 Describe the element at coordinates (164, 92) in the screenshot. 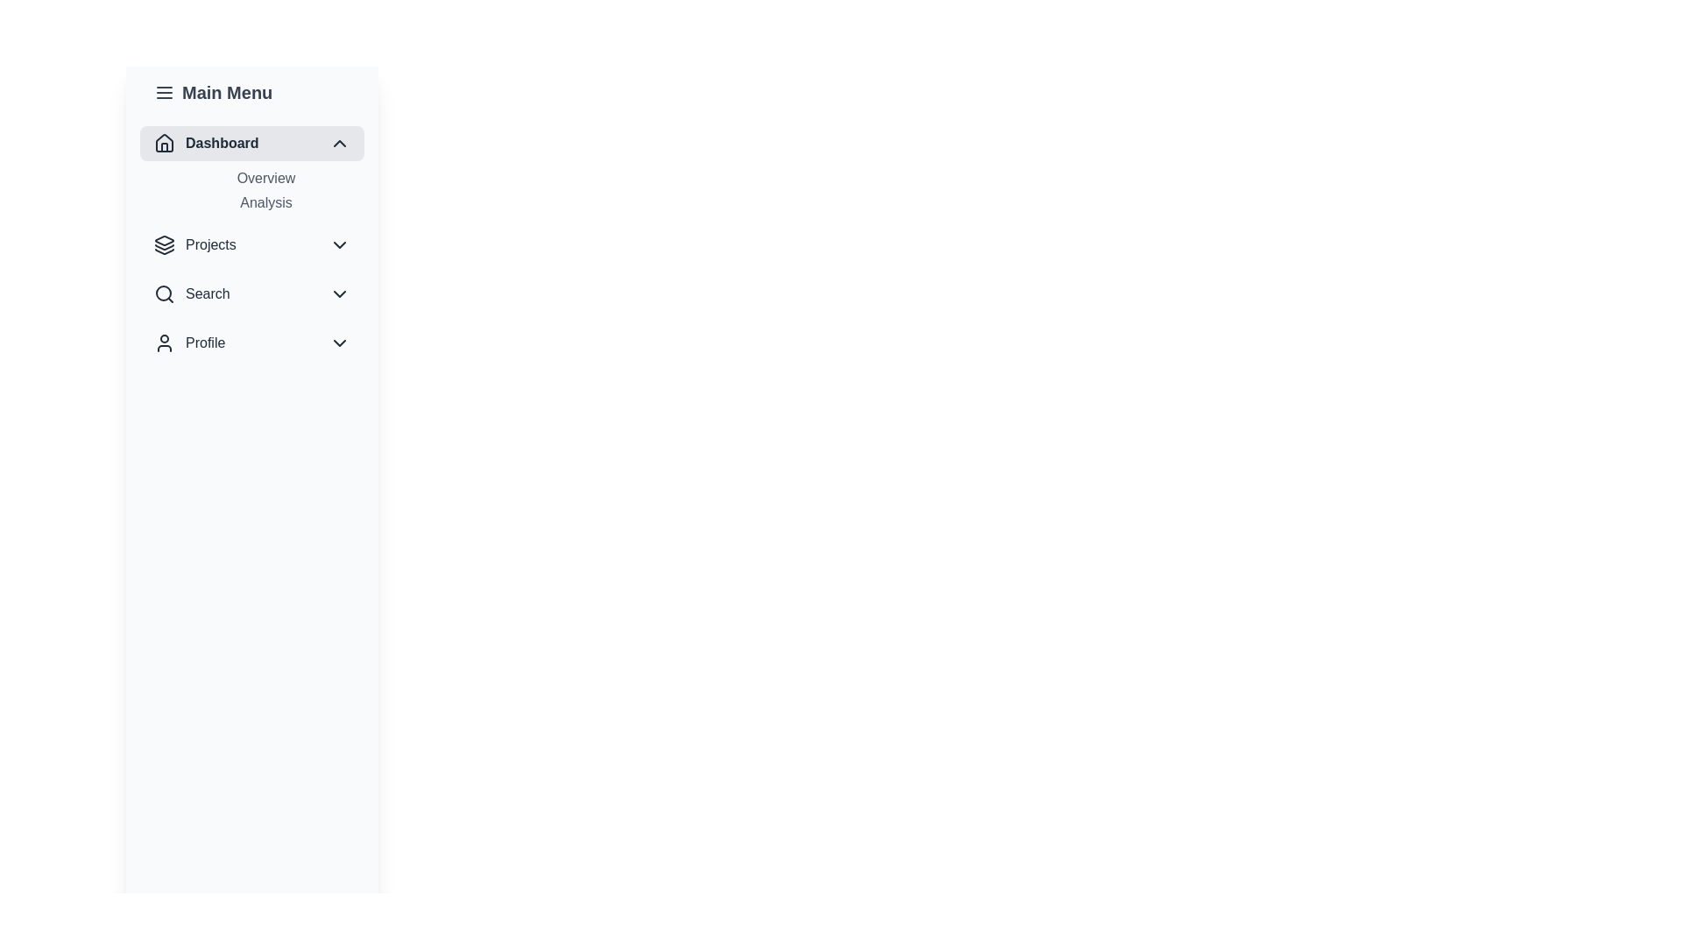

I see `the three-line menu icon located to the left of the 'Main Menu' heading in the sidebar to potentially display a tooltip` at that location.